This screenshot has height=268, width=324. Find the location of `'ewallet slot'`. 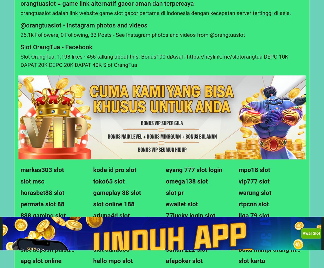

'ewallet slot' is located at coordinates (181, 203).